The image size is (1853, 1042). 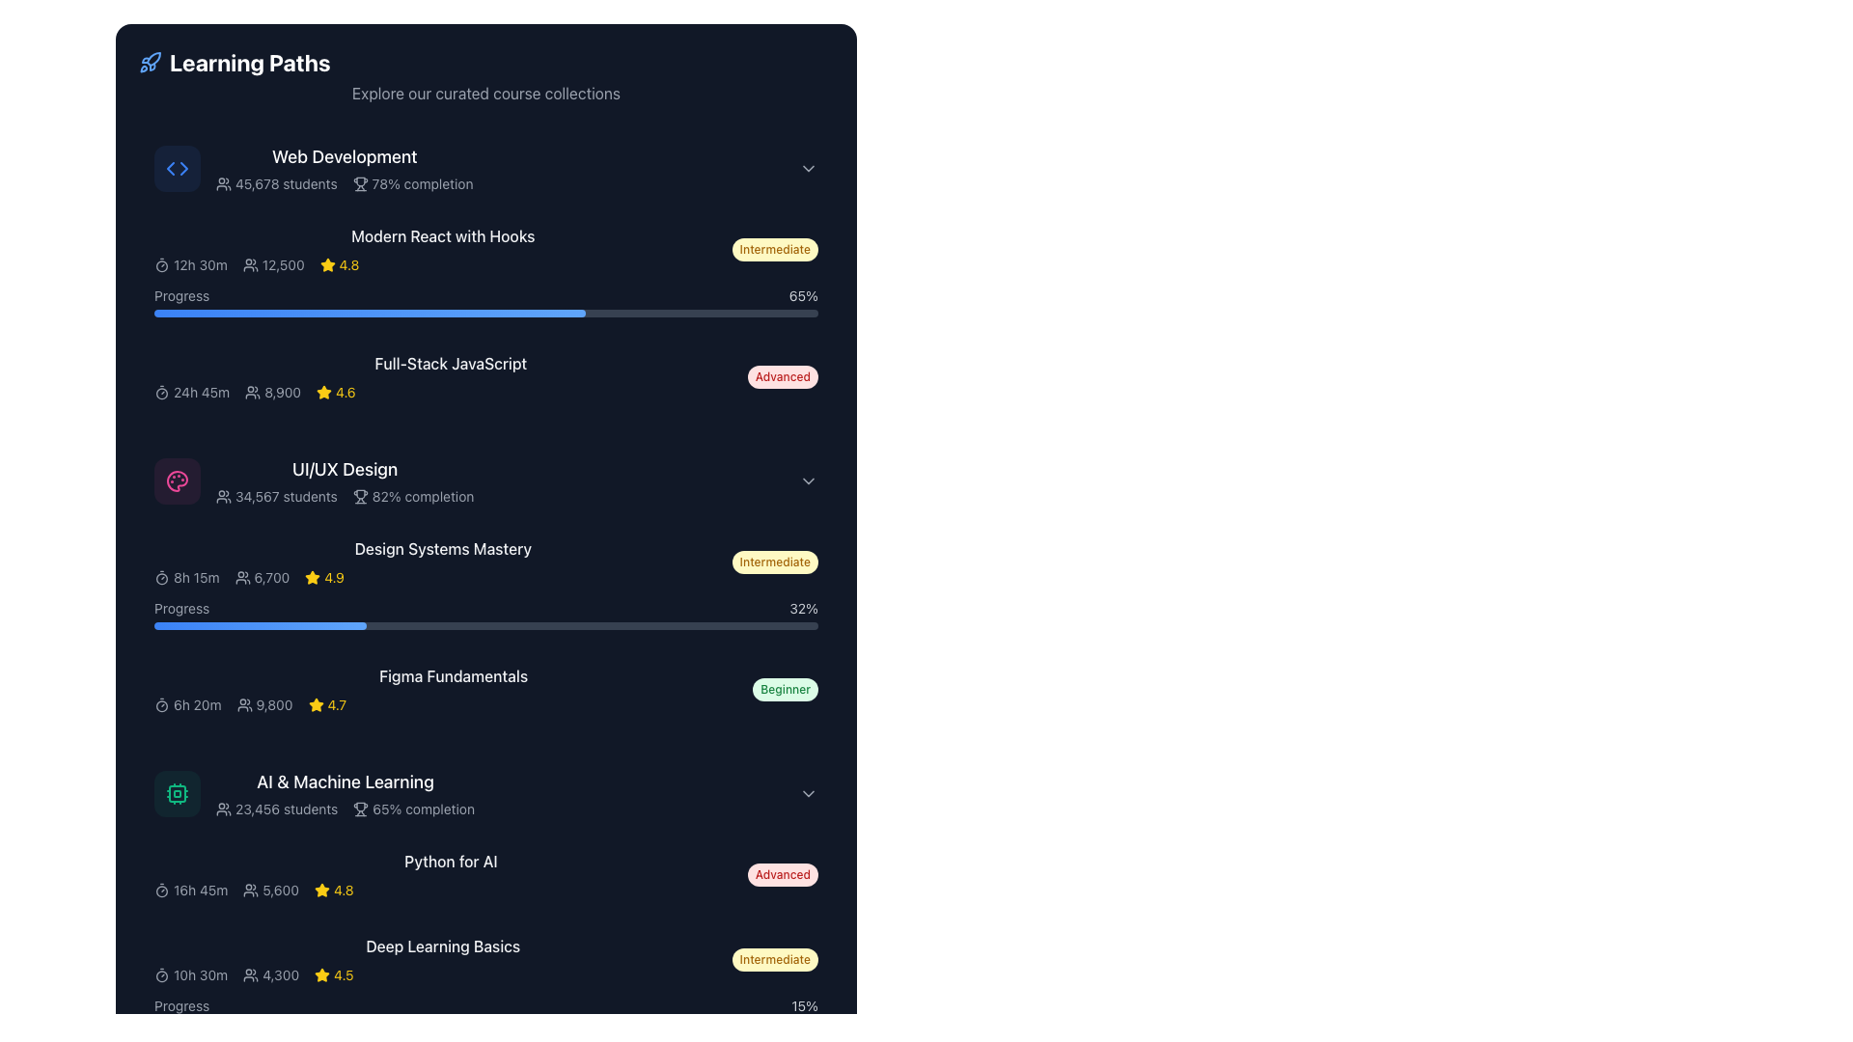 What do you see at coordinates (192, 392) in the screenshot?
I see `the static text display showing the duration '24h 45m' with a timer icon, located in the UI section for the 'Full-Stack JavaScript' course` at bounding box center [192, 392].